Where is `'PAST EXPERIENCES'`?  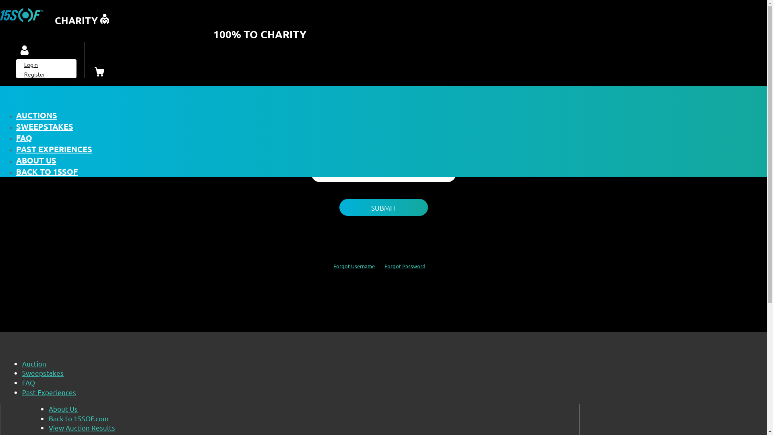 'PAST EXPERIENCES' is located at coordinates (54, 149).